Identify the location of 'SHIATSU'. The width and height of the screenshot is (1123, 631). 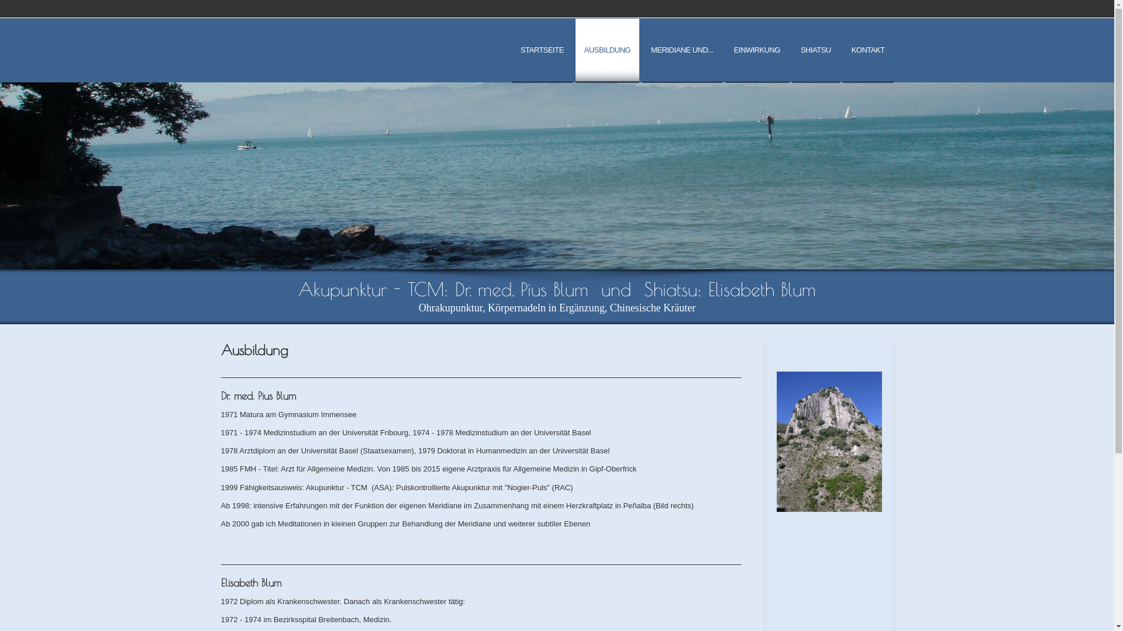
(791, 50).